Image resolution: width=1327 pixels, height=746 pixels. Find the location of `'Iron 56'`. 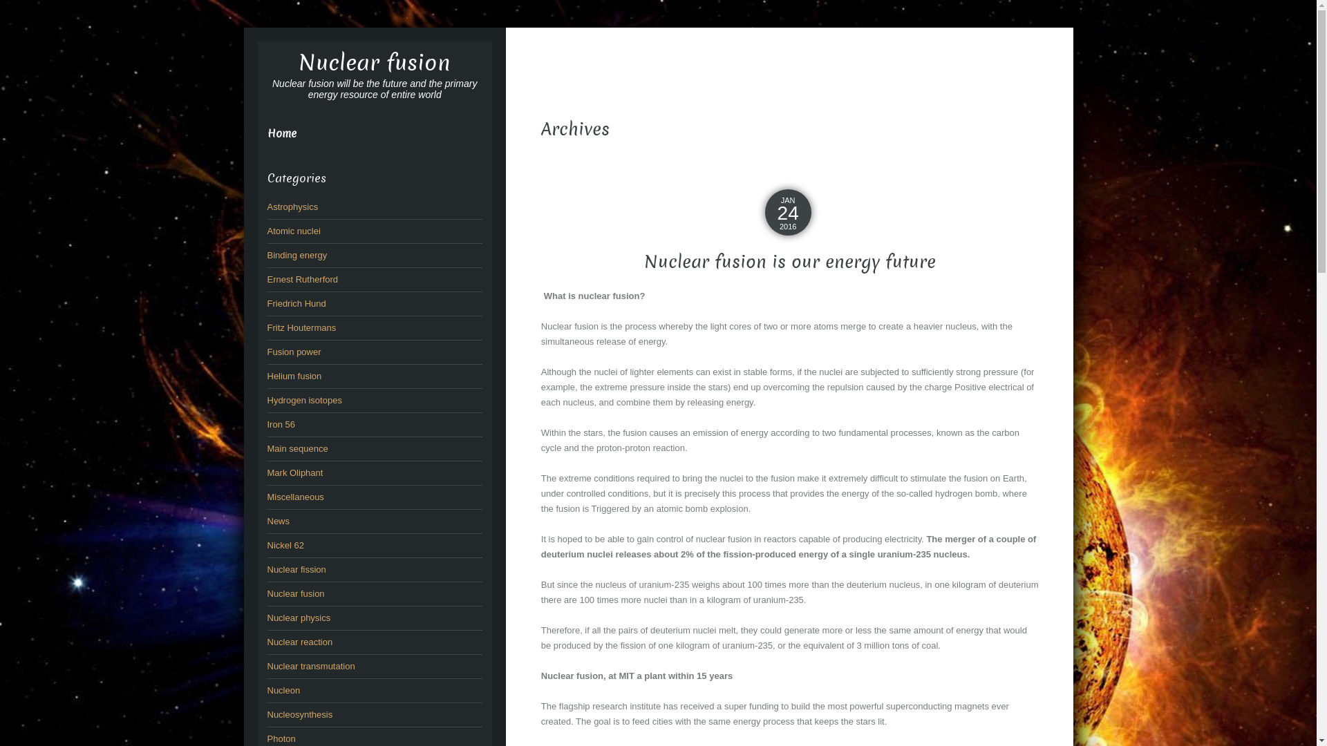

'Iron 56' is located at coordinates (280, 423).